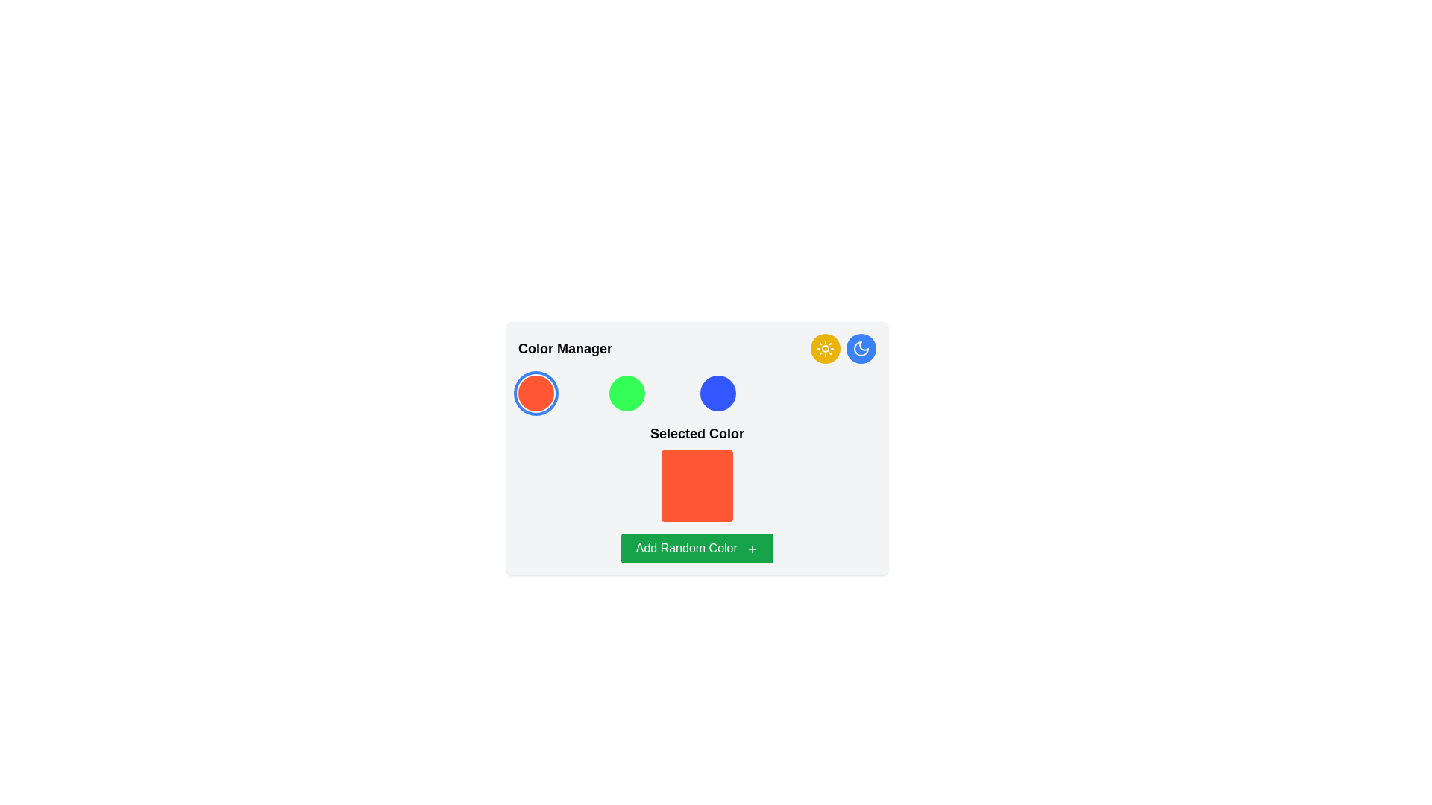  I want to click on the night mode toggle button located in the top-right corner of the interface, so click(861, 348).